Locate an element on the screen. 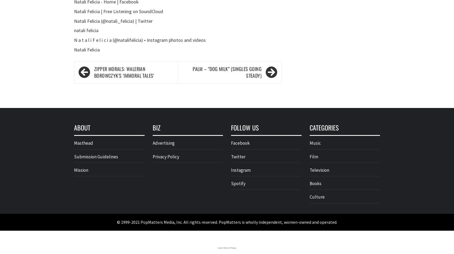 Image resolution: width=454 pixels, height=254 pixels. 'Television' is located at coordinates (319, 170).